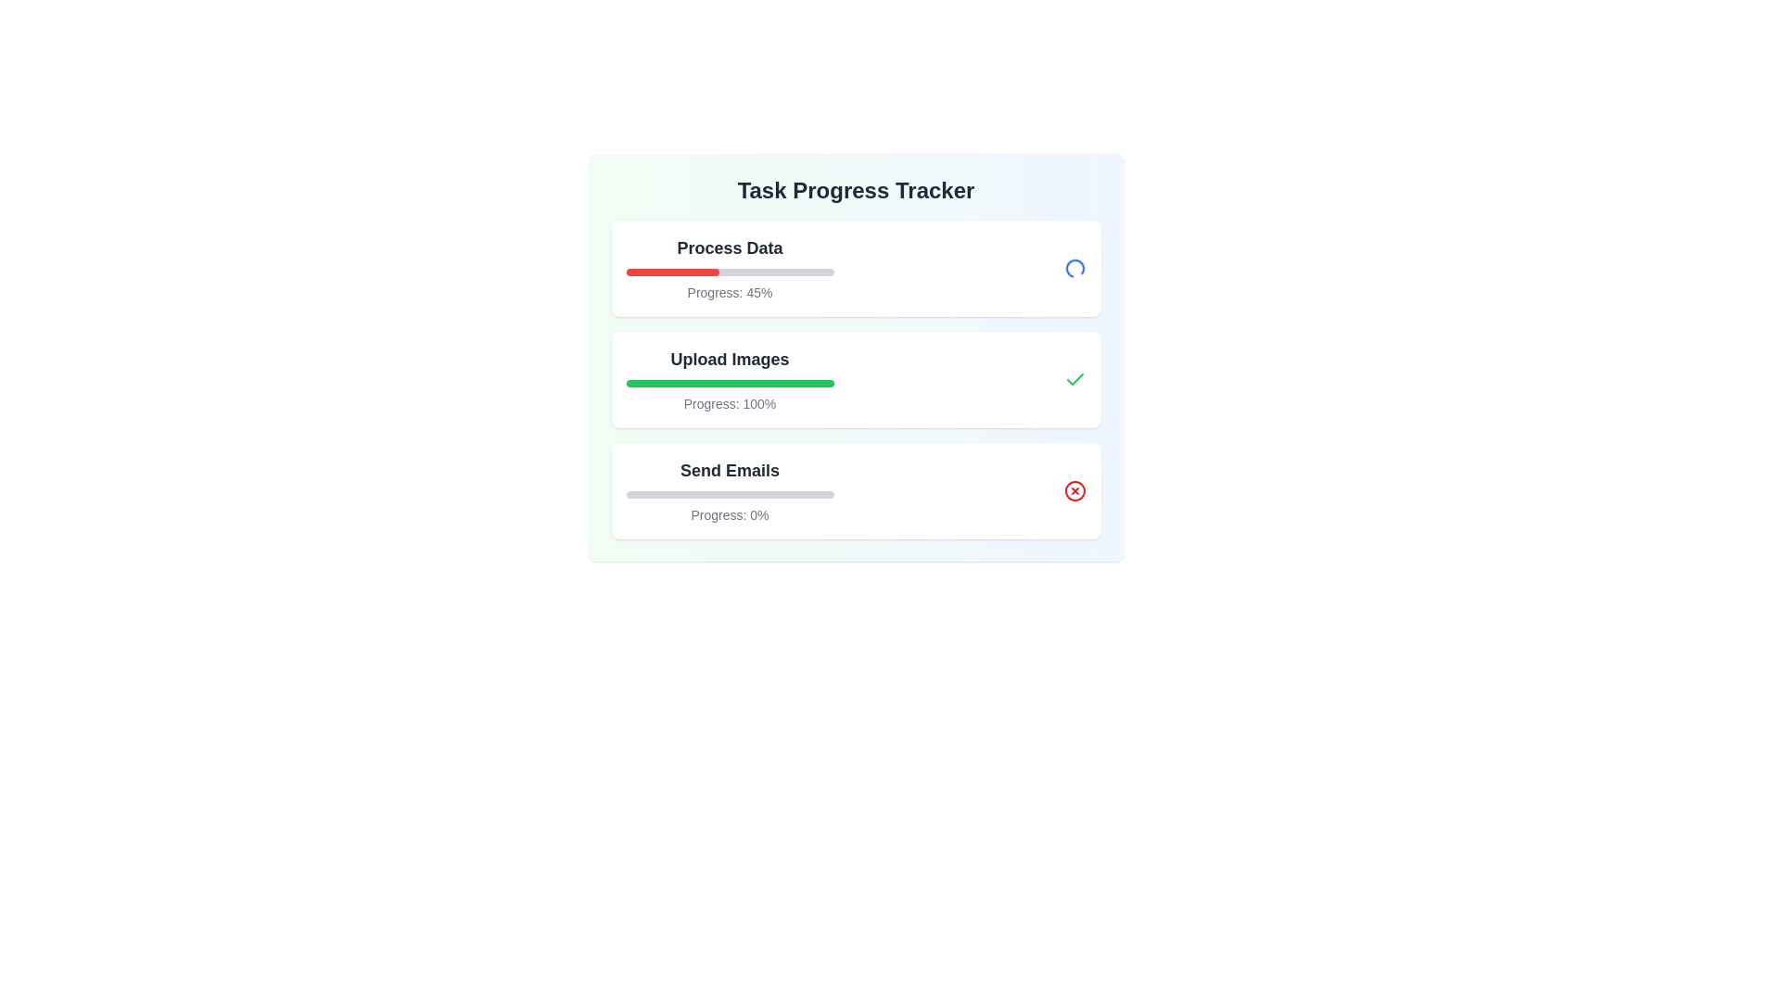 The width and height of the screenshot is (1780, 1001). What do you see at coordinates (729, 268) in the screenshot?
I see `the progress bar titled 'Process Data'` at bounding box center [729, 268].